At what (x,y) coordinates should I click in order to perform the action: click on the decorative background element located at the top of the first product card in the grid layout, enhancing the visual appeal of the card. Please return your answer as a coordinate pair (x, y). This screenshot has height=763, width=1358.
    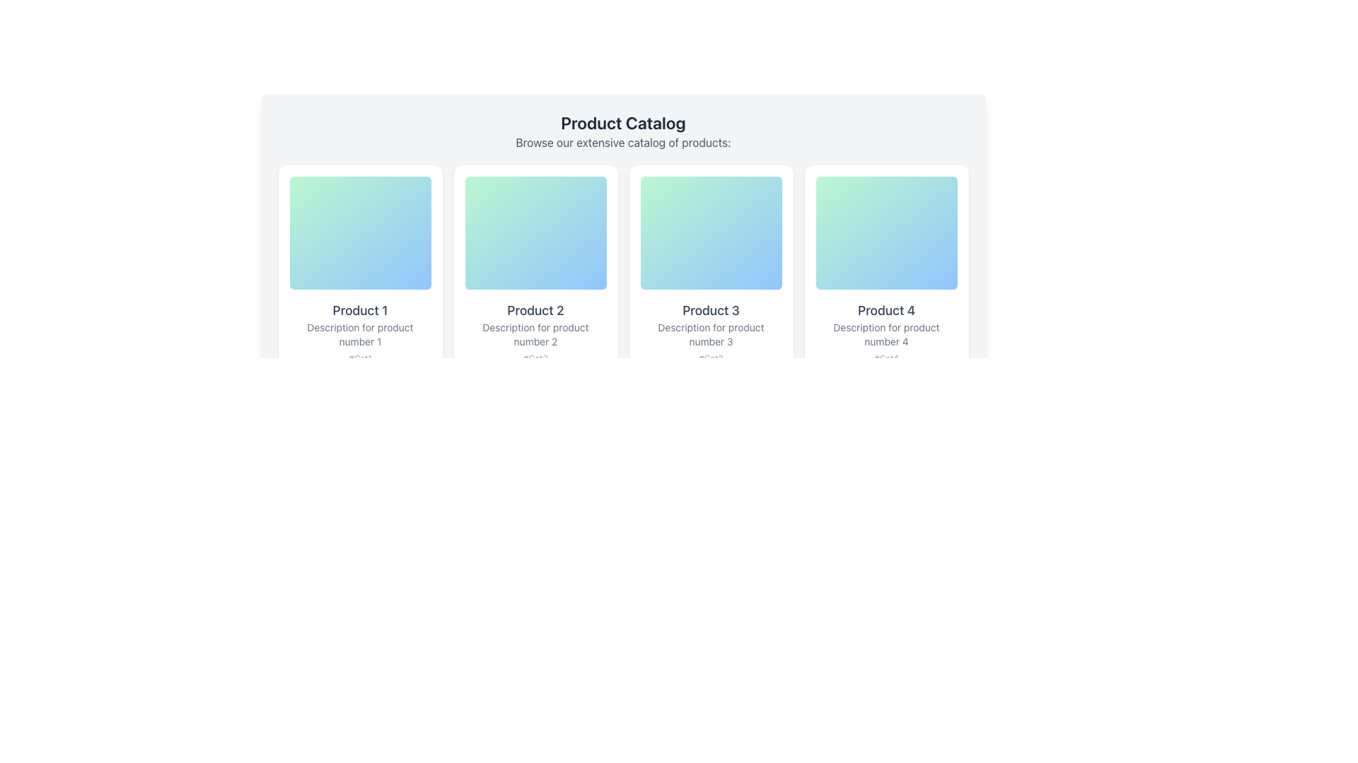
    Looking at the image, I should click on (360, 232).